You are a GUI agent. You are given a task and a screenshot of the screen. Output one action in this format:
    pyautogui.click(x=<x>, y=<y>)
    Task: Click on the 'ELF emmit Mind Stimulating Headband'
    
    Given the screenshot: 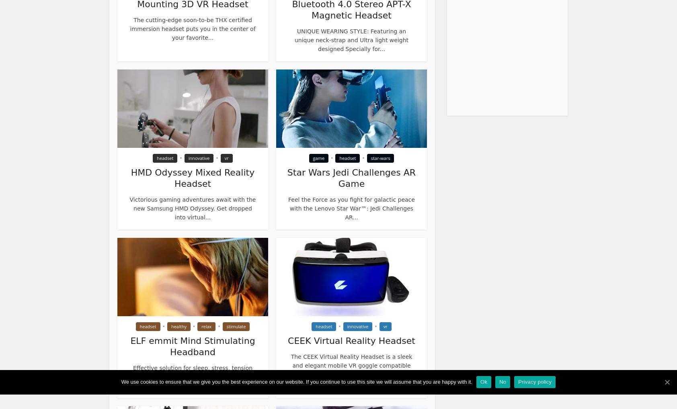 What is the action you would take?
    pyautogui.click(x=192, y=346)
    